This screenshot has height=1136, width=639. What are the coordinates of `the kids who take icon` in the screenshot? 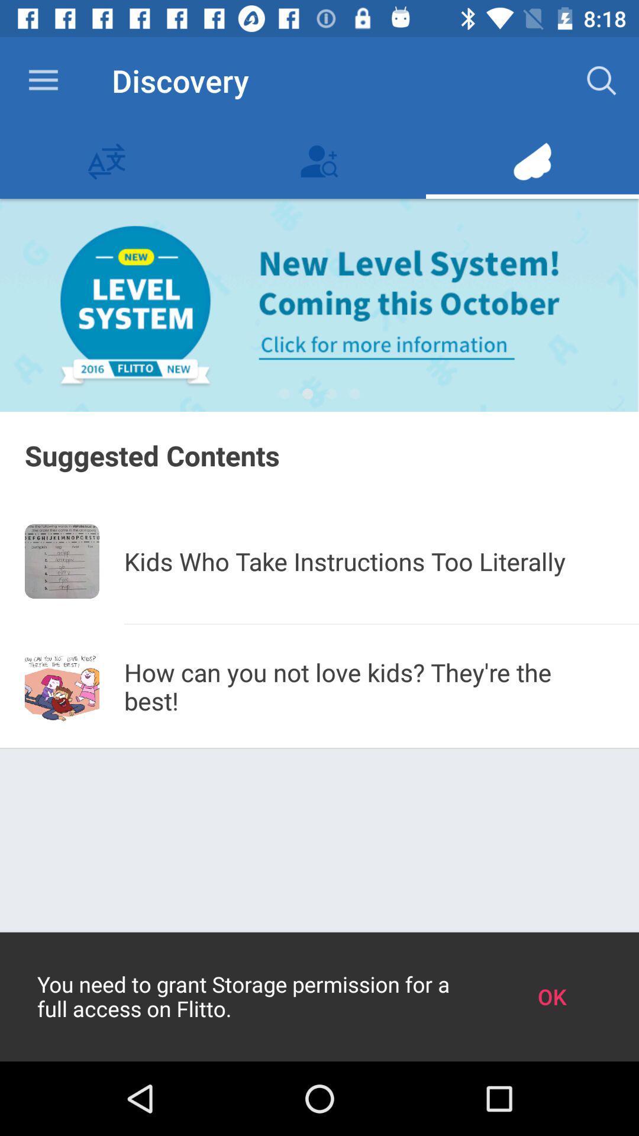 It's located at (369, 560).